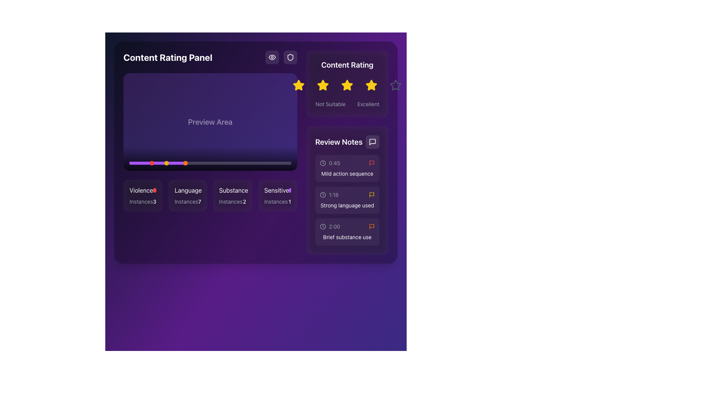  Describe the element at coordinates (339, 142) in the screenshot. I see `the header text 'Review Notes' which is styled in bold white font against a dark purple background, located in the 'Content Rating' section of the right panel` at that location.